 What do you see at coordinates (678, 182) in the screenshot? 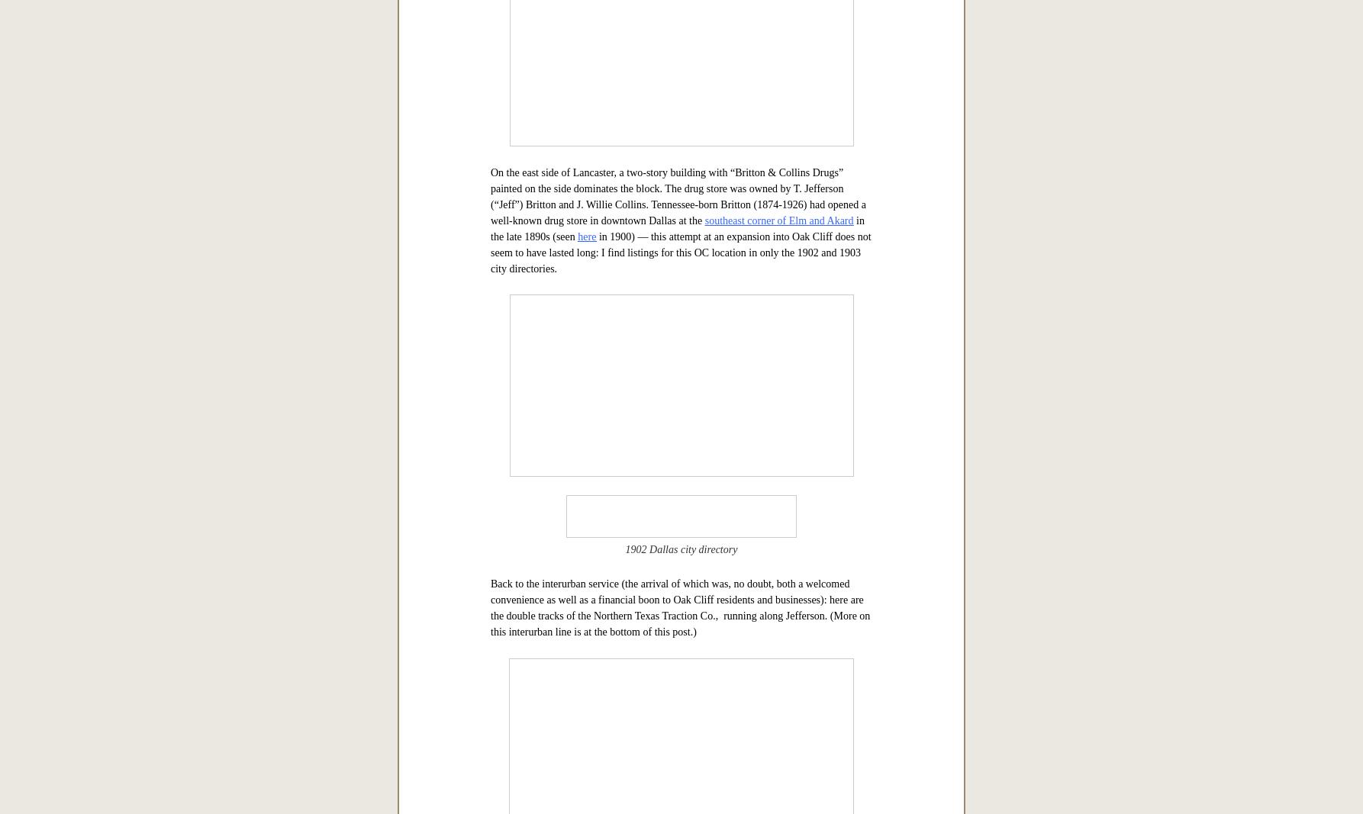
I see `'Let’s zoom in on this photo. Though grainy, it’s still really exciting to see views of Oak Cliff, just after the turn of the century (Oak Cliff was annexed by Dallas in 1903 but had been a thriving community for many years before that). Below, a couple of men are seated on a bench beneath a sign that says “Interurban Ticket Office,” a bicycle lies at the curb, men stand on the corner, and a horse-drawn buggy is parked underneath a sign that says “drugs.” Eselco brand cigars were ten cents apiece at the time (about $3.00 in today’s money). The “ticket office” sign helps date this photo, as the Dallas-Fort Worth interurban service (through Oak Cliff) began in July, 1902.'` at bounding box center [678, 182].